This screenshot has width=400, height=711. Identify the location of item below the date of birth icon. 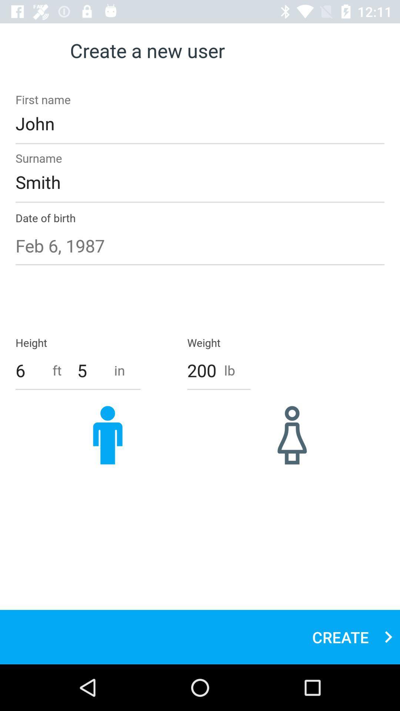
(200, 246).